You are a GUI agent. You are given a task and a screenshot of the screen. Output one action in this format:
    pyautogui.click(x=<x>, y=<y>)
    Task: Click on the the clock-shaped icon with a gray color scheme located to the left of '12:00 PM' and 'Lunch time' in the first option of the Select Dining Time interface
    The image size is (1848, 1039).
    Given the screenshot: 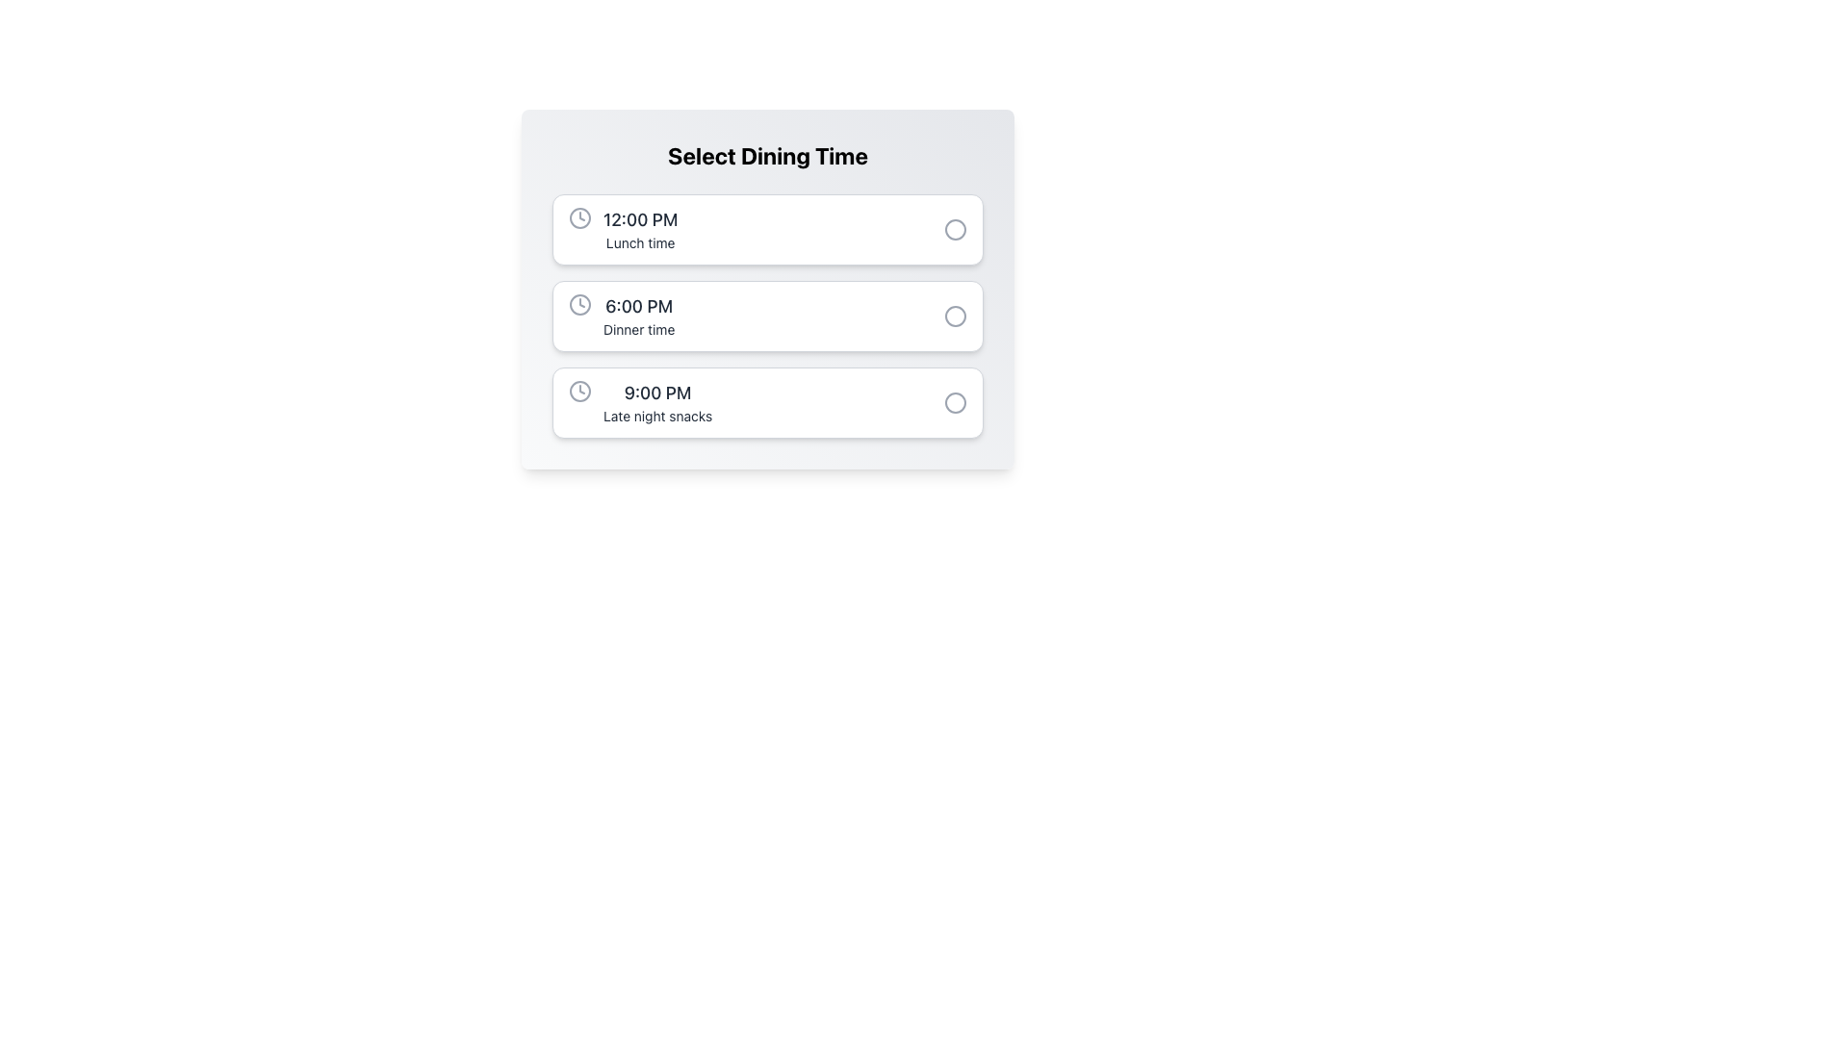 What is the action you would take?
    pyautogui.click(x=579, y=217)
    